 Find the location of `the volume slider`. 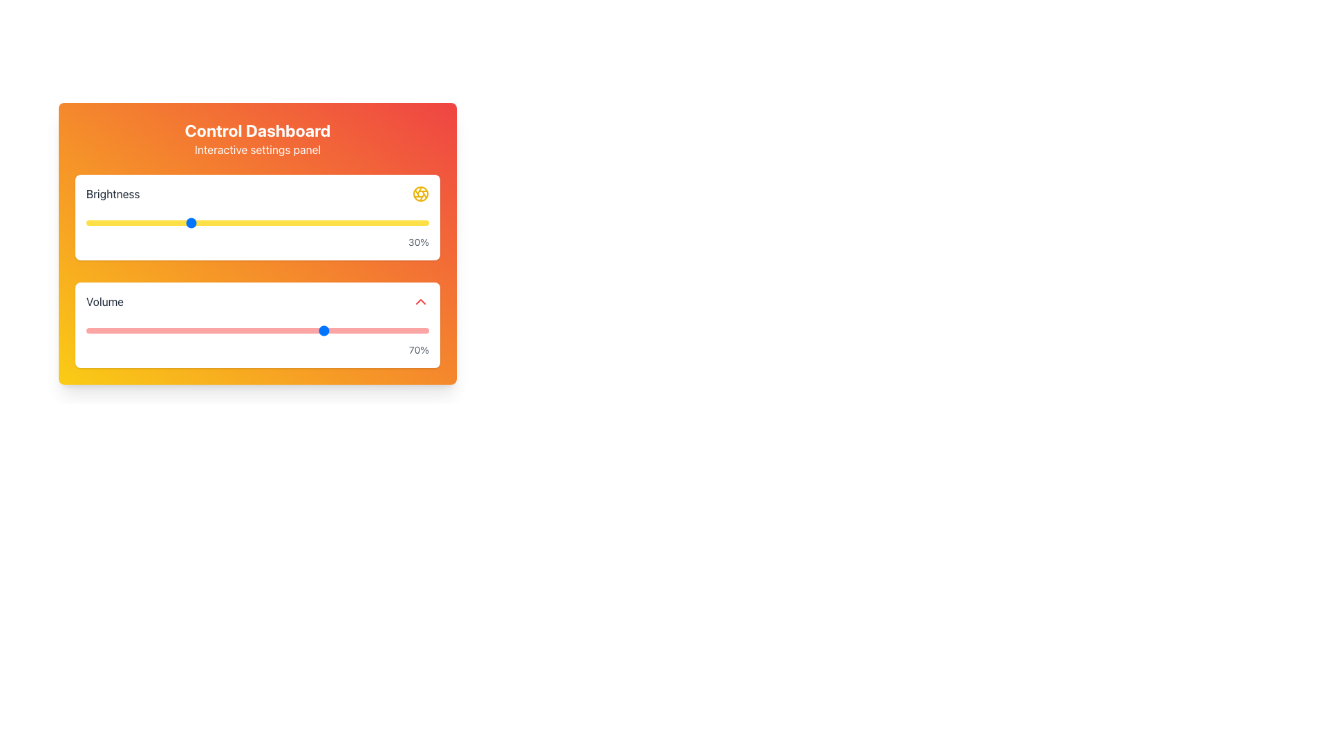

the volume slider is located at coordinates (277, 330).